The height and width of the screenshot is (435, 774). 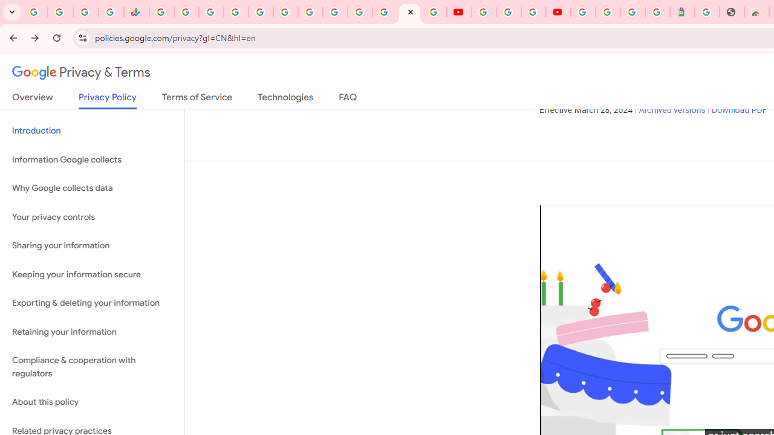 I want to click on 'Information Google collects', so click(x=91, y=159).